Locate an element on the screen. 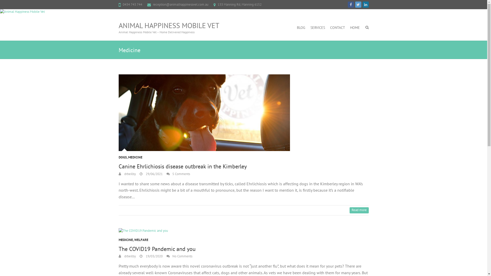 This screenshot has width=491, height=276. 'reception@animalhappinessvet.com.au' is located at coordinates (181, 4).